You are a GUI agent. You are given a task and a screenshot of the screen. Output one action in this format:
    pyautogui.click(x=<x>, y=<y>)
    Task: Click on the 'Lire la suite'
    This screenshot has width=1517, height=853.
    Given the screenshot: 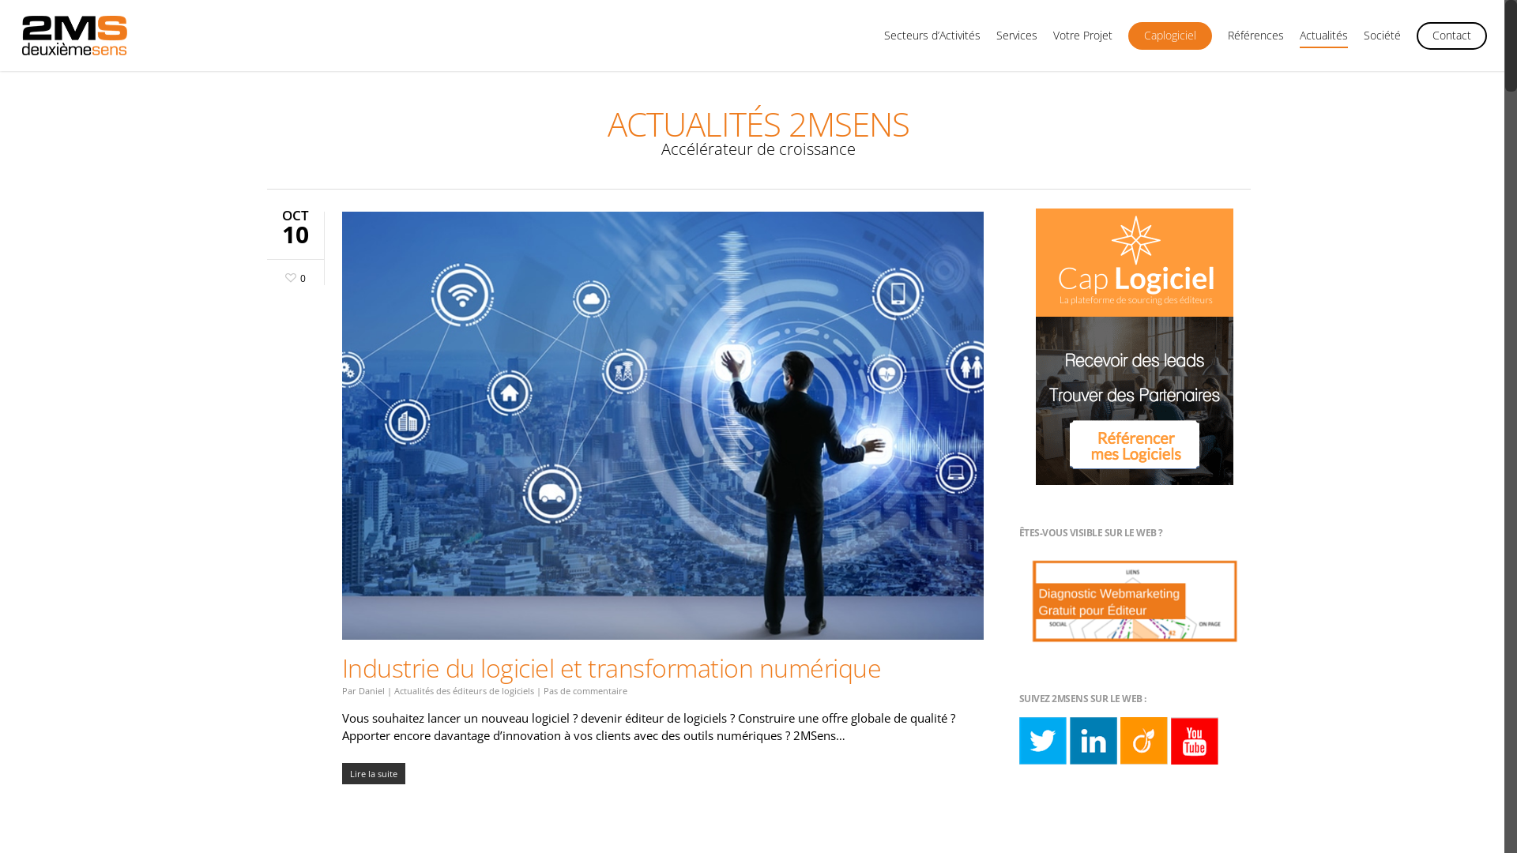 What is the action you would take?
    pyautogui.click(x=341, y=772)
    